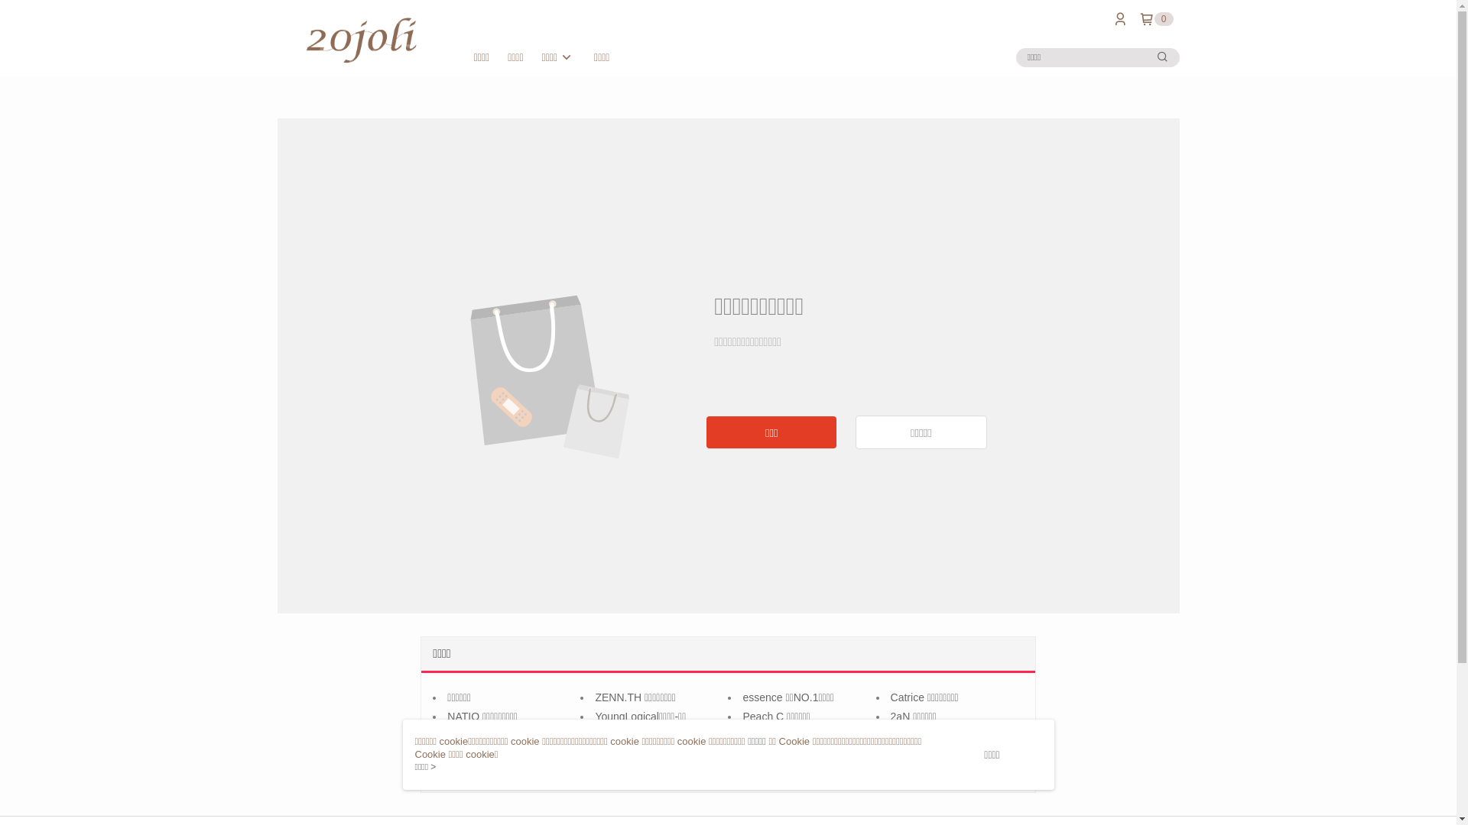 The height and width of the screenshot is (825, 1468). I want to click on '0', so click(1138, 18).